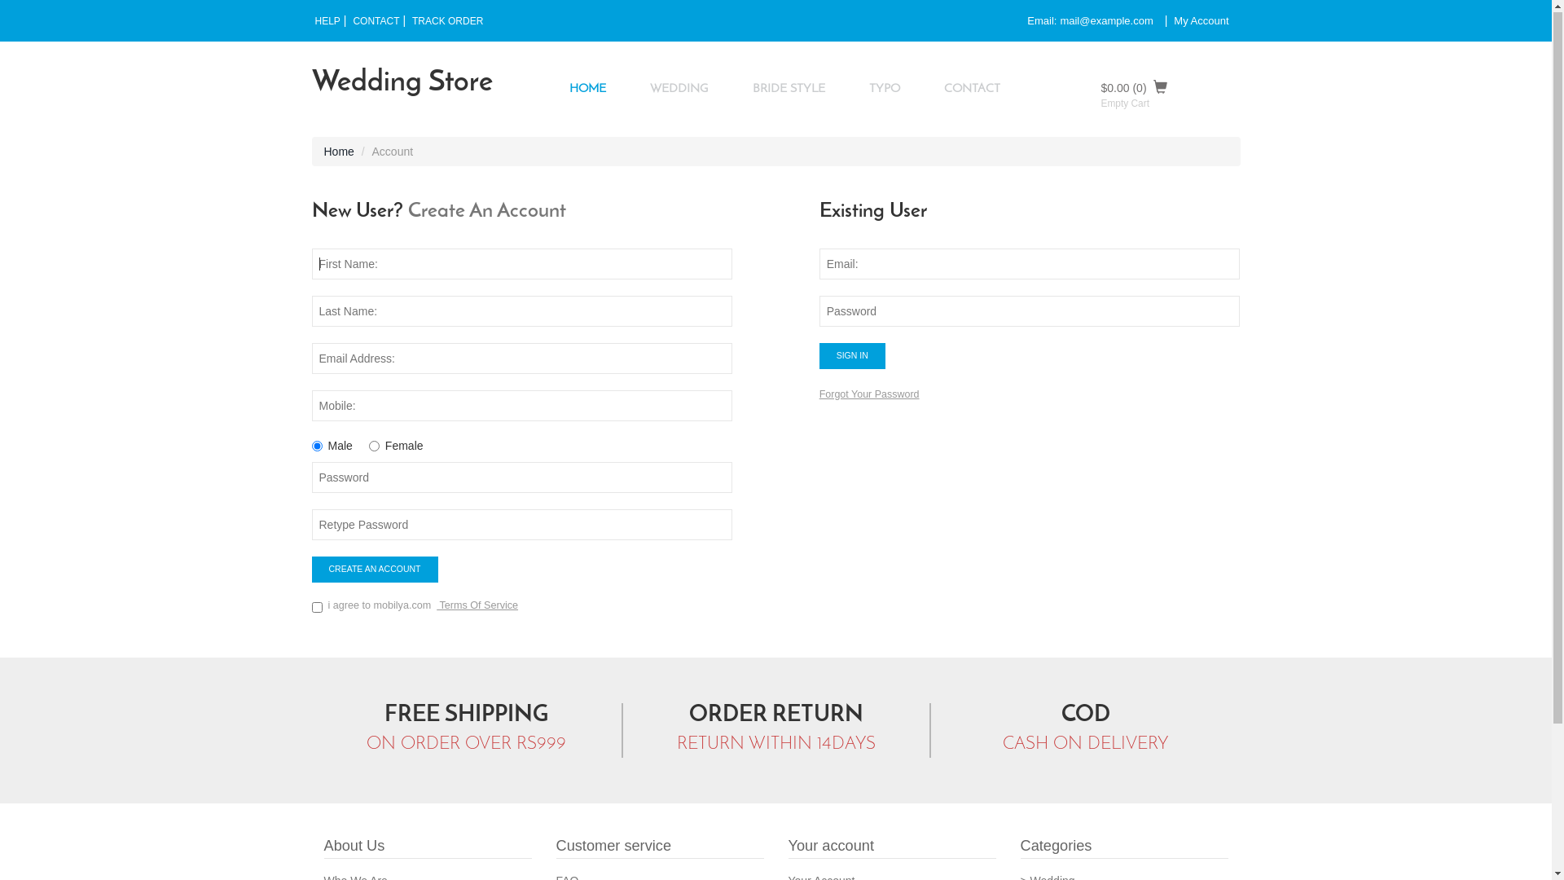  Describe the element at coordinates (311, 569) in the screenshot. I see `'create an account'` at that location.